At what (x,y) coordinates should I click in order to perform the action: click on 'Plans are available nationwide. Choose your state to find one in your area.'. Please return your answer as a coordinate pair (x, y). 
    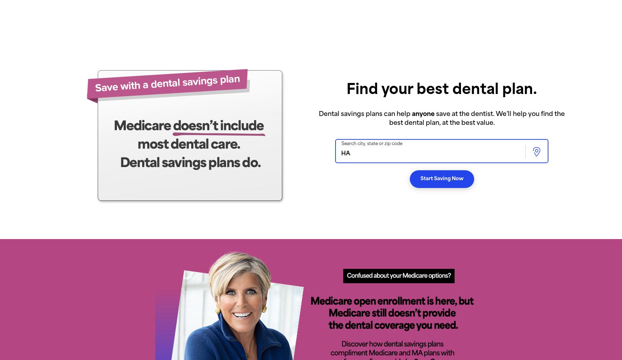
    Looking at the image, I should click on (127, 11).